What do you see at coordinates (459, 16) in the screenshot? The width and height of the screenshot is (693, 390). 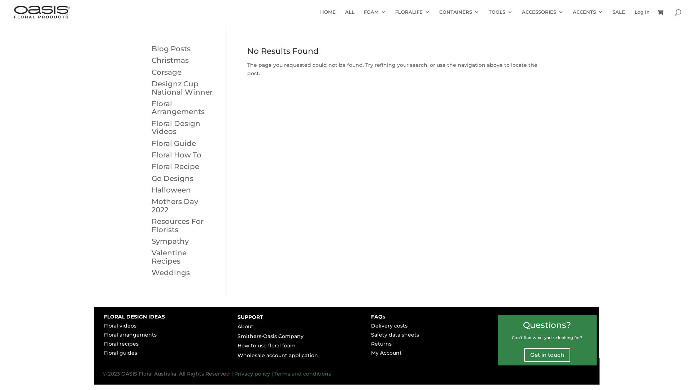 I see `'CONTAINERS'` at bounding box center [459, 16].